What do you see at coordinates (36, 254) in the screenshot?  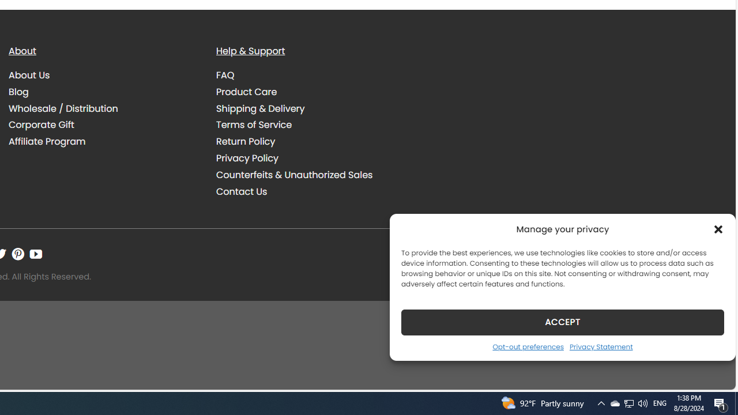 I see `'Follow on YouTube'` at bounding box center [36, 254].